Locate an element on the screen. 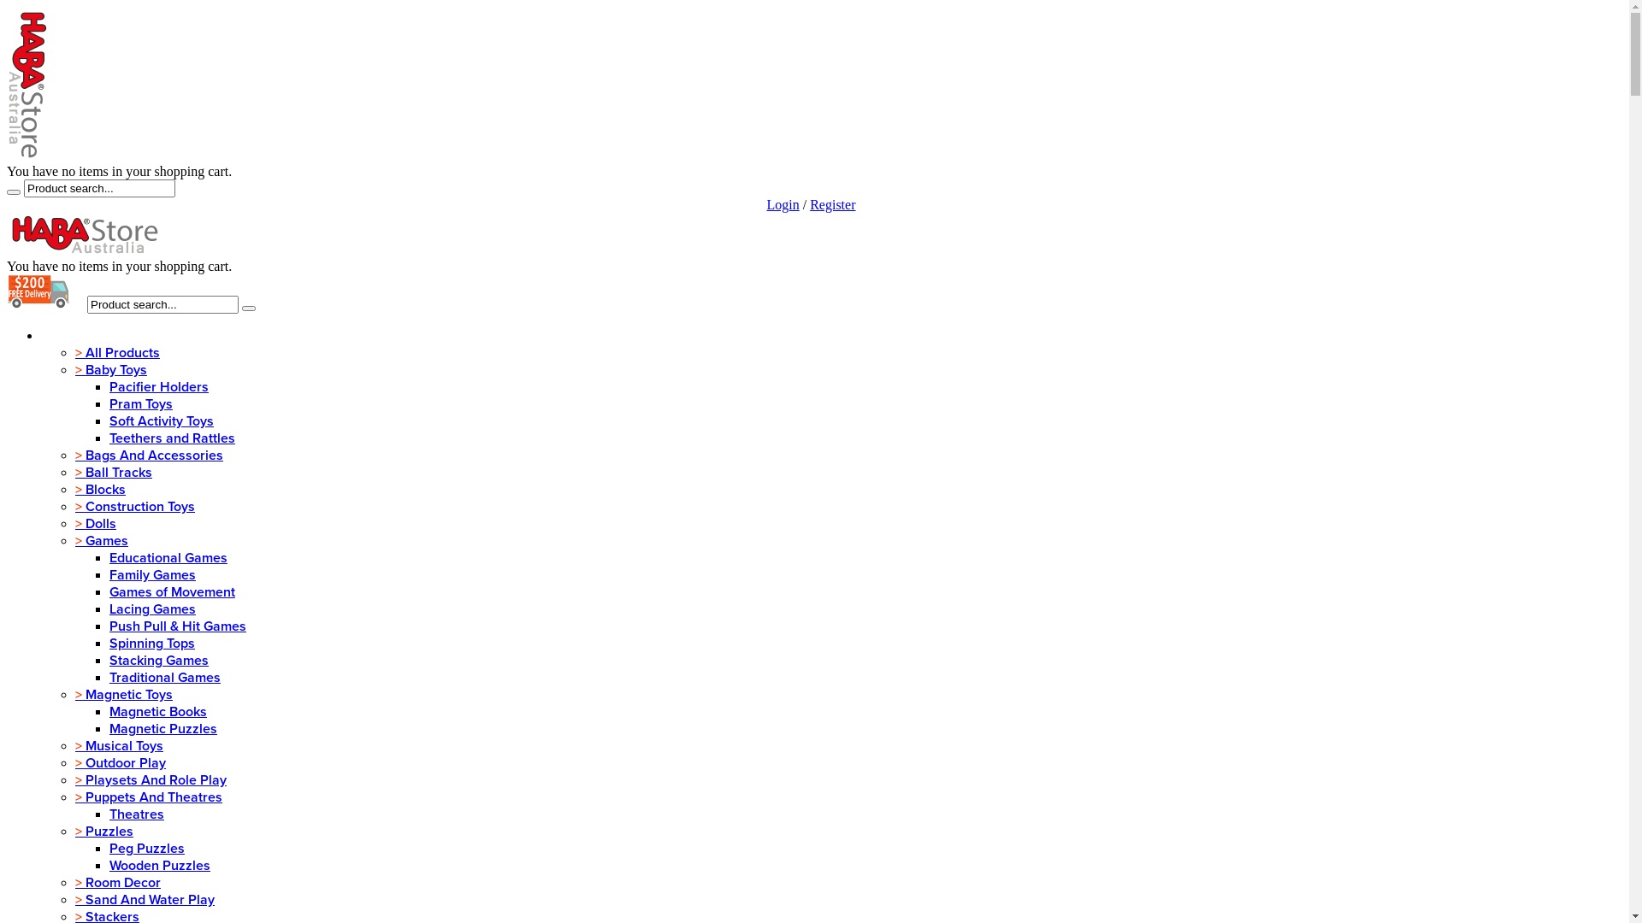 The width and height of the screenshot is (1642, 923). 'Wooden Puzzles' is located at coordinates (160, 866).